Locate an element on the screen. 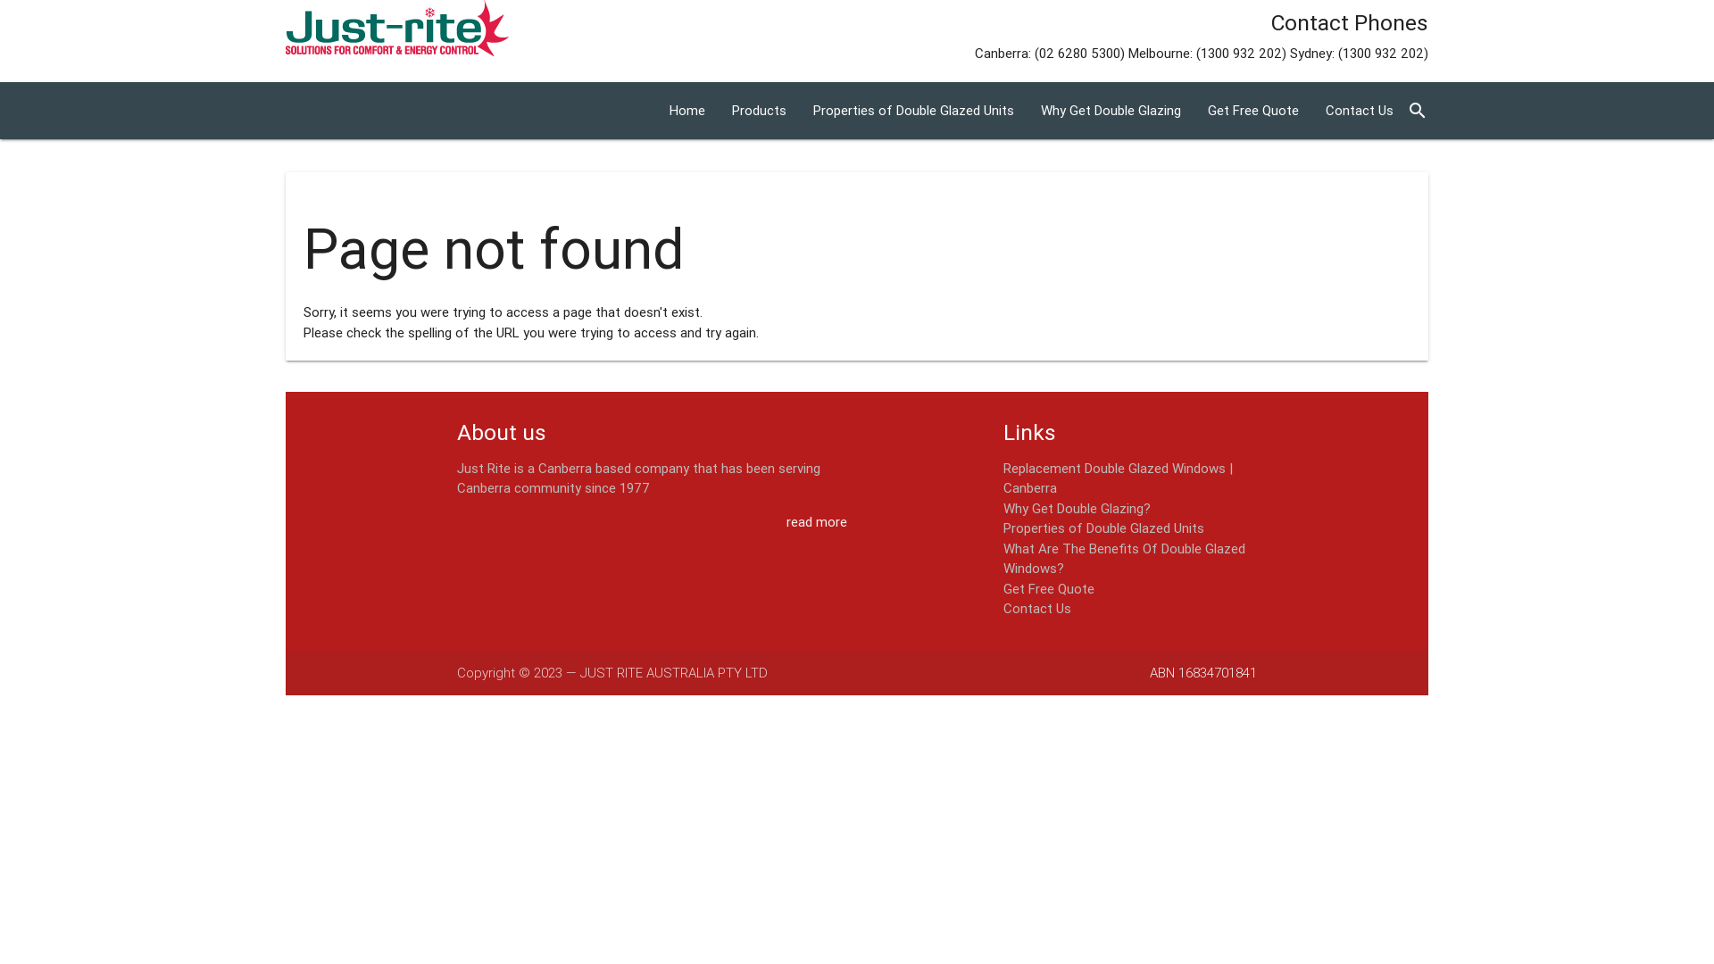  'Products' is located at coordinates (719, 110).